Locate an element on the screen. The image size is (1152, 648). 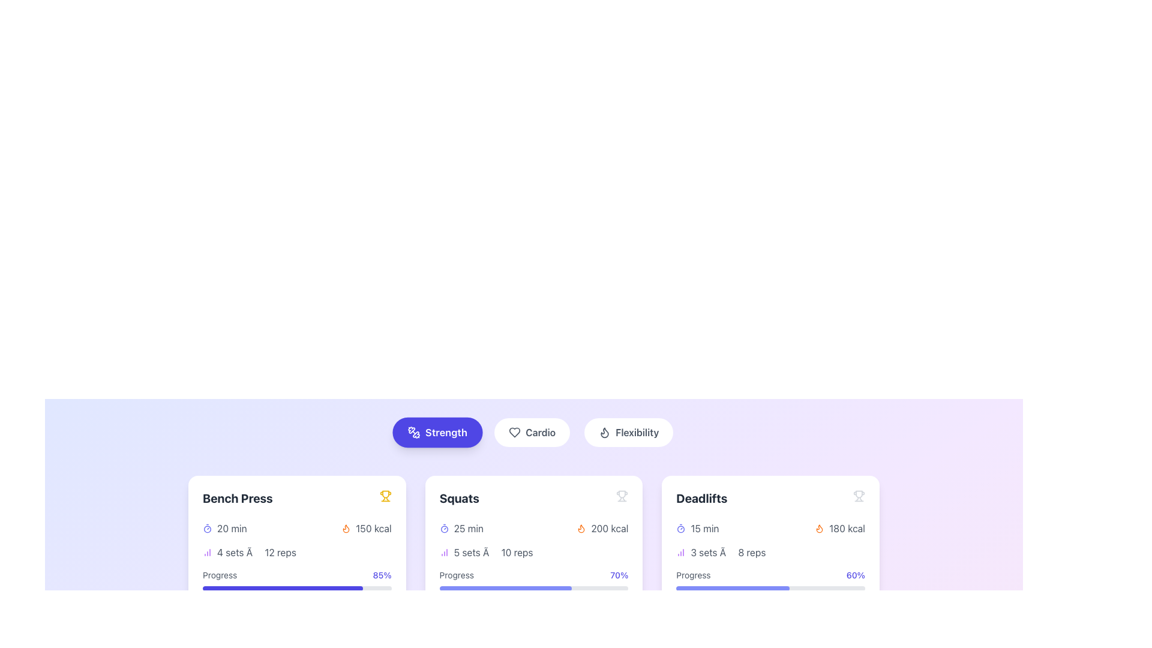
the Text Label that indicates the progress percentage of the 'Deadlifts' activity, located at the bottom-right corner of the card labeled 'Deadlifts', to the right of the text 'Progress' is located at coordinates (855, 575).